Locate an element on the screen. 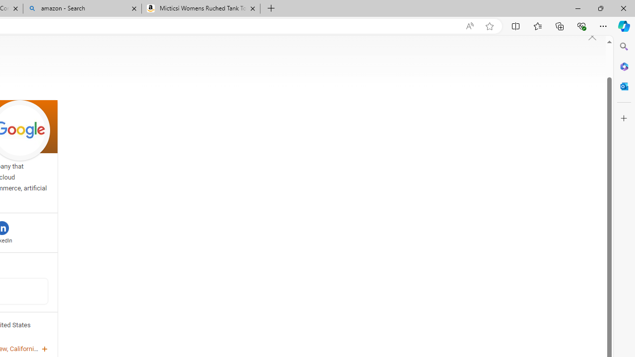 The height and width of the screenshot is (357, 635). 'Browser essentials' is located at coordinates (581, 25).